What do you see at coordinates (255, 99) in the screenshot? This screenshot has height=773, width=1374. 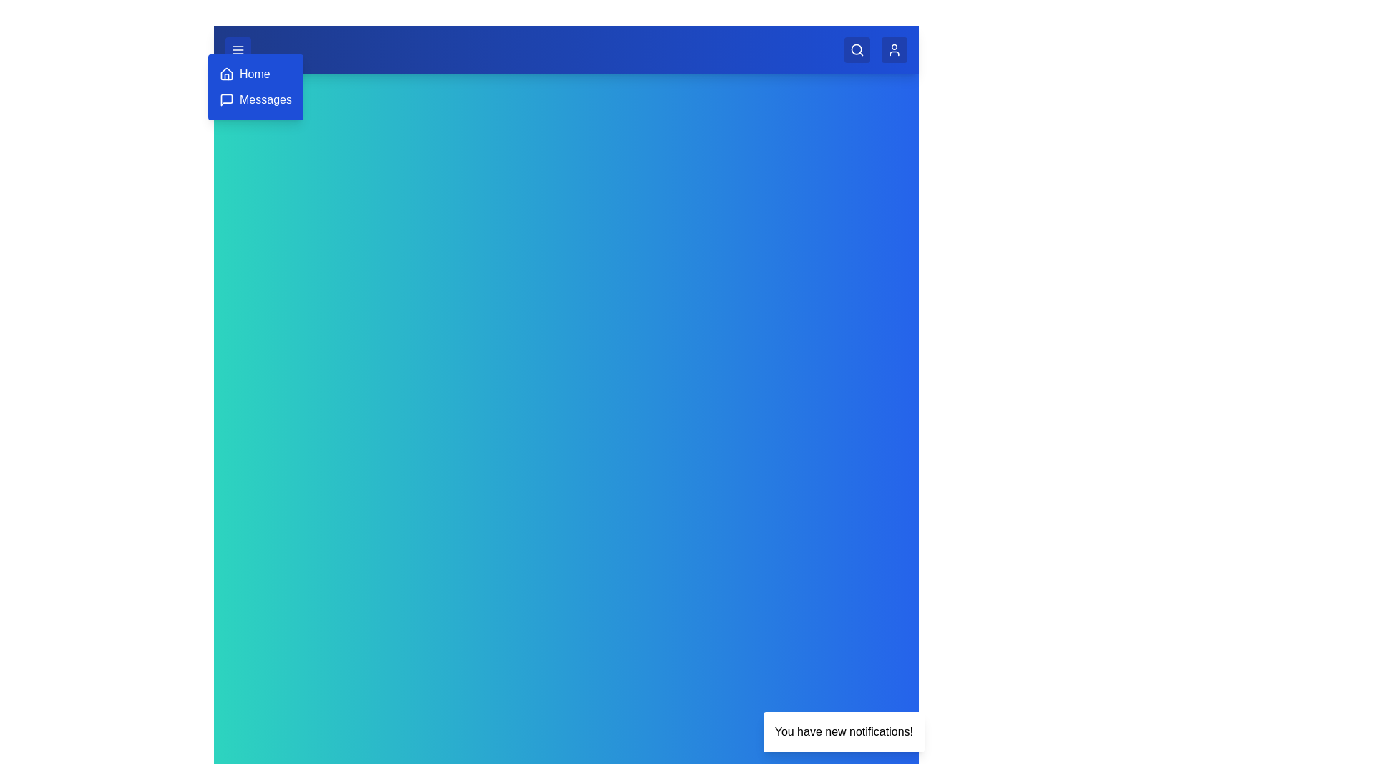 I see `the Messages button in the menu to navigate to the Messages section` at bounding box center [255, 99].